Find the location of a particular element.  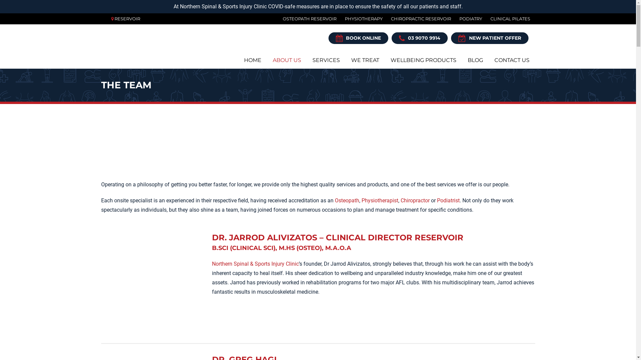

'HOME' is located at coordinates (252, 60).